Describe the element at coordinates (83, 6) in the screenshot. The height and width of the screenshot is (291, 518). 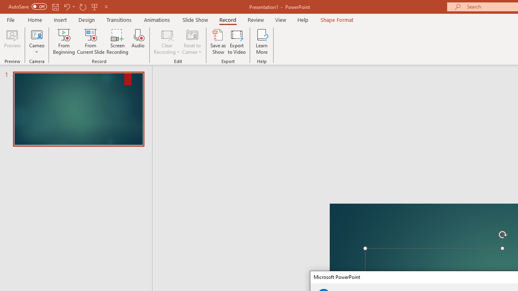
I see `'Redo'` at that location.